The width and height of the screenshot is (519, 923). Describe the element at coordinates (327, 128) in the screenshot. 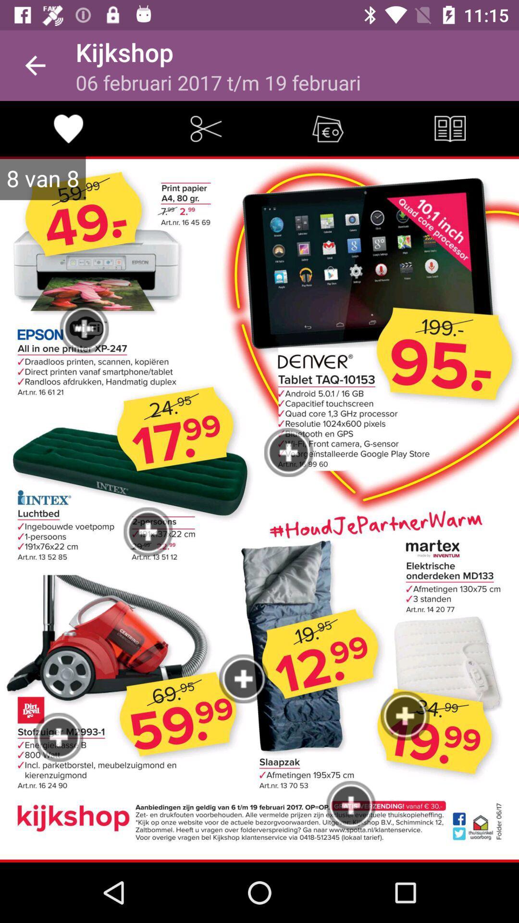

I see `the label icon` at that location.